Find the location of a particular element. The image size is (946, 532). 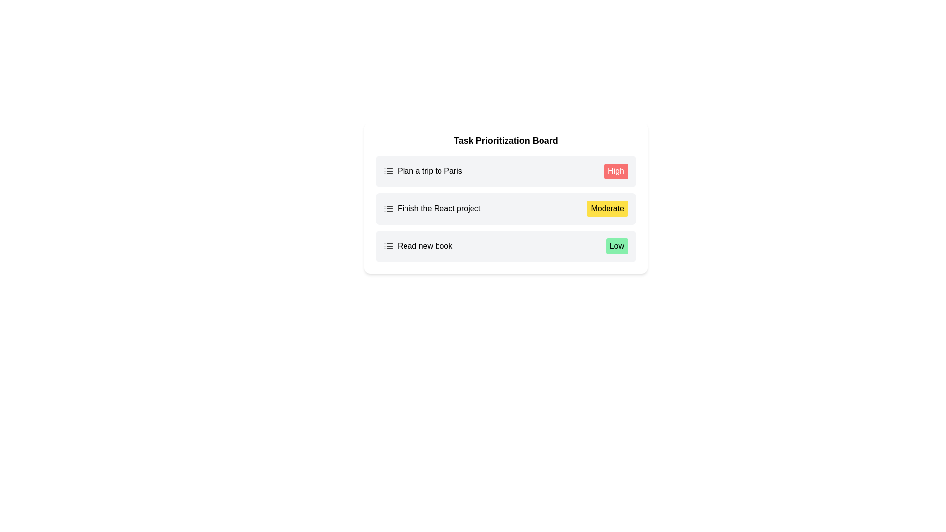

the descriptive label for the third task item in the task prioritization interface, which is located on the 'Task Prioritization Board', aligned with a list icon on the left and a 'Low' priority indicator on the right is located at coordinates (425, 246).